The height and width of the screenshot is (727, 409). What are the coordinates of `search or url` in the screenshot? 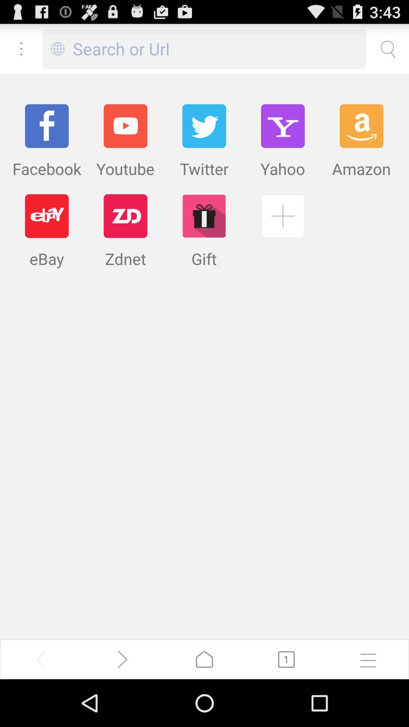 It's located at (219, 48).